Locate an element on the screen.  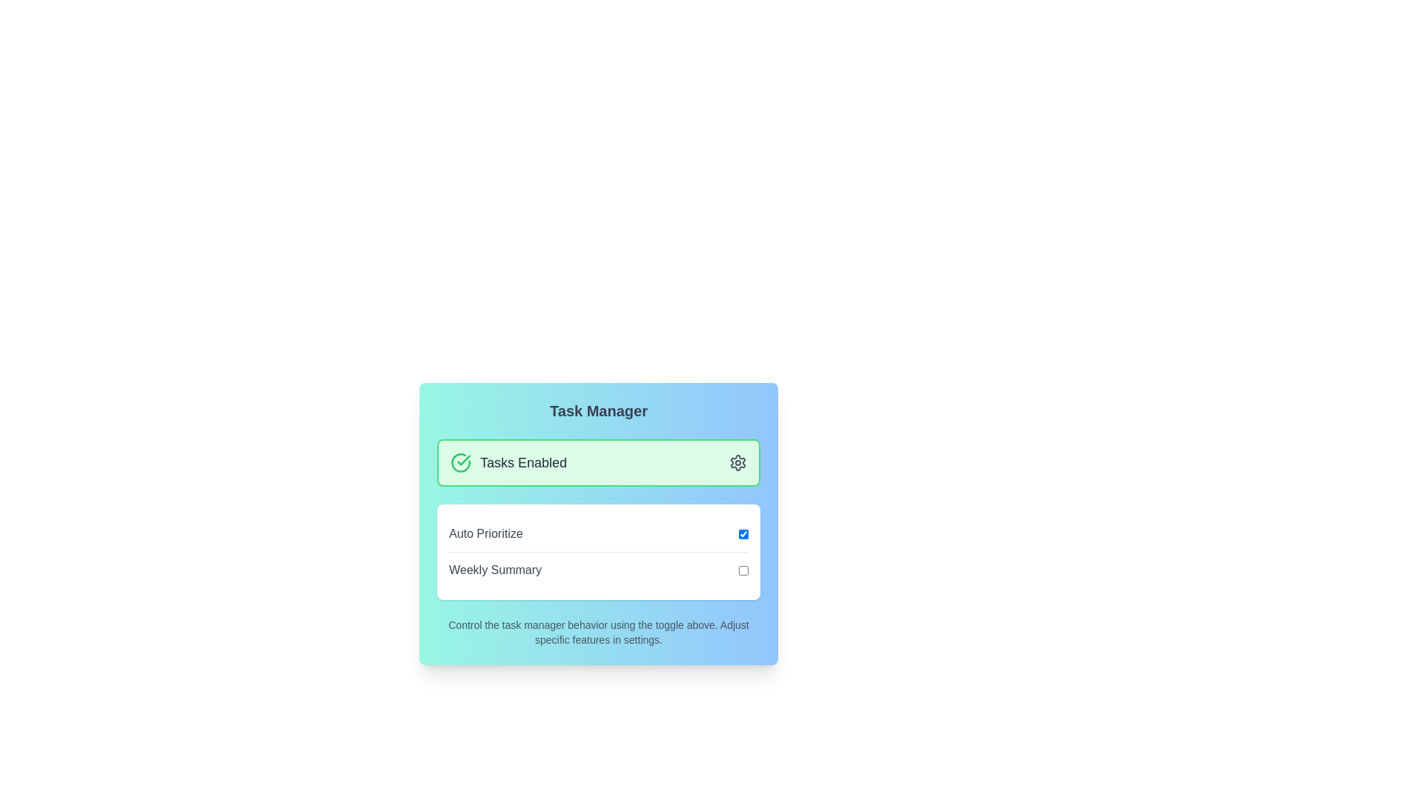
the 'Auto Prioritize' toggle switch checkbox is located at coordinates (598, 534).